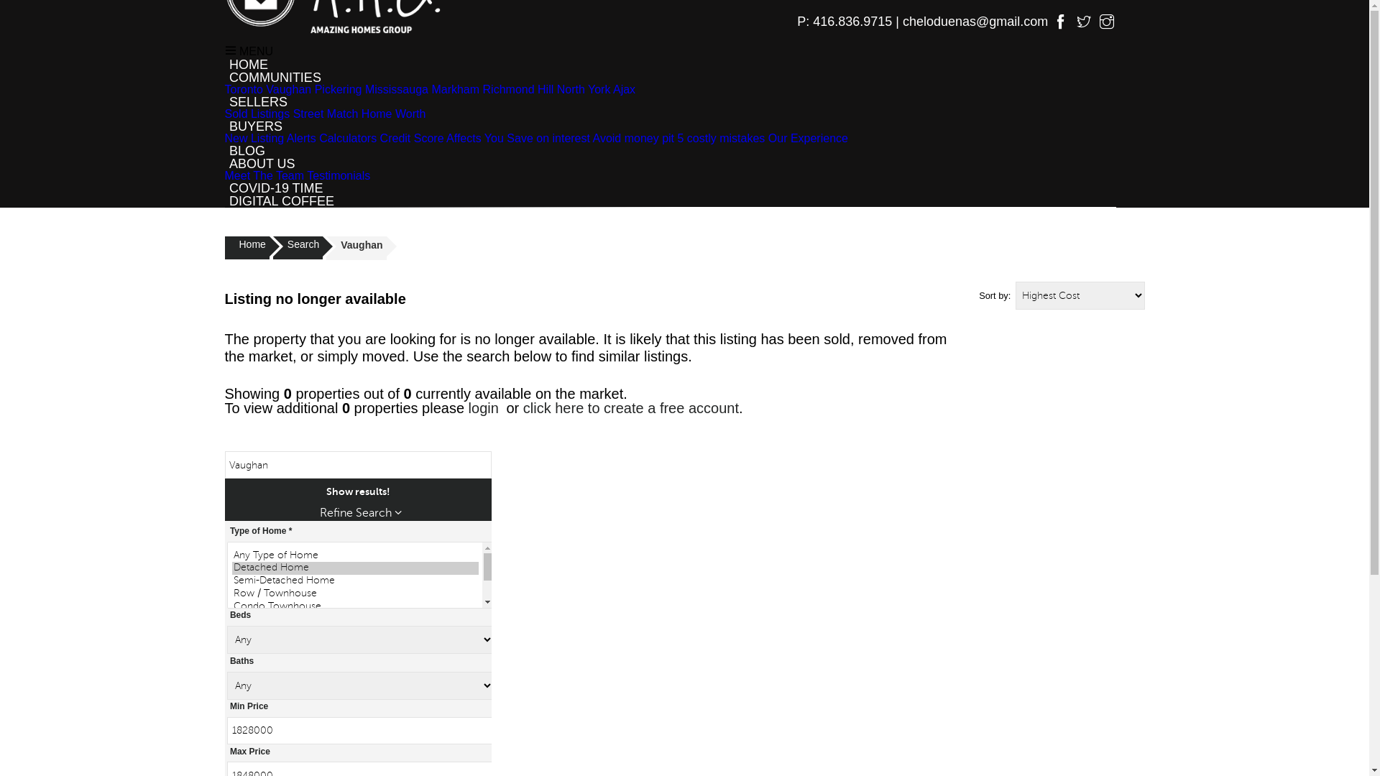  I want to click on 'New Listing Alerts', so click(270, 138).